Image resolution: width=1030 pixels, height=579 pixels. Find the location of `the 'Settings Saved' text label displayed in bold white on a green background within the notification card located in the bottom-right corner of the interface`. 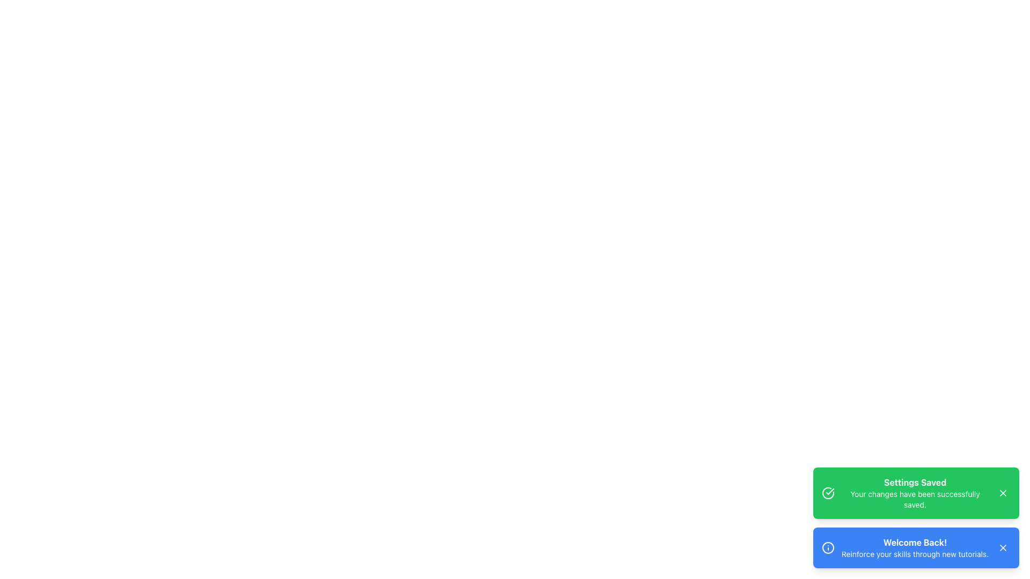

the 'Settings Saved' text label displayed in bold white on a green background within the notification card located in the bottom-right corner of the interface is located at coordinates (914, 481).